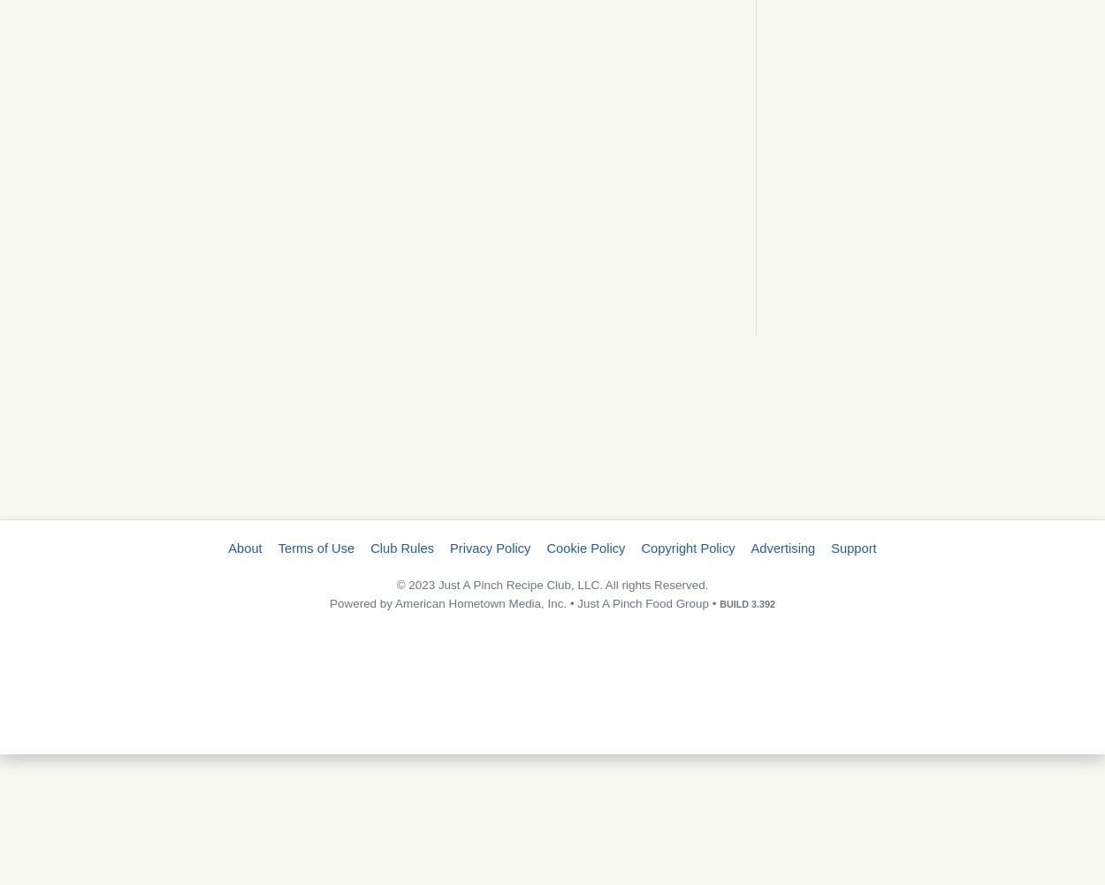  What do you see at coordinates (830, 548) in the screenshot?
I see `'Support'` at bounding box center [830, 548].